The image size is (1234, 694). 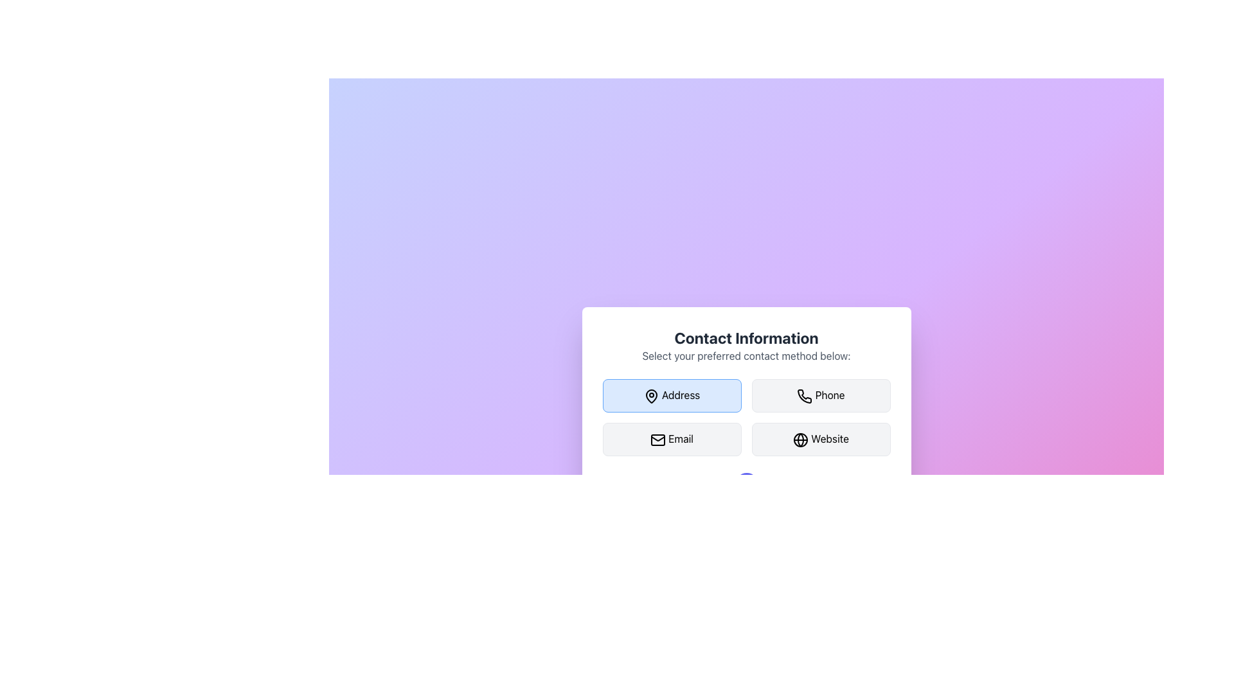 What do you see at coordinates (820, 438) in the screenshot?
I see `the 'Website' button located in the second row and second column of the 'Contact Information' section` at bounding box center [820, 438].